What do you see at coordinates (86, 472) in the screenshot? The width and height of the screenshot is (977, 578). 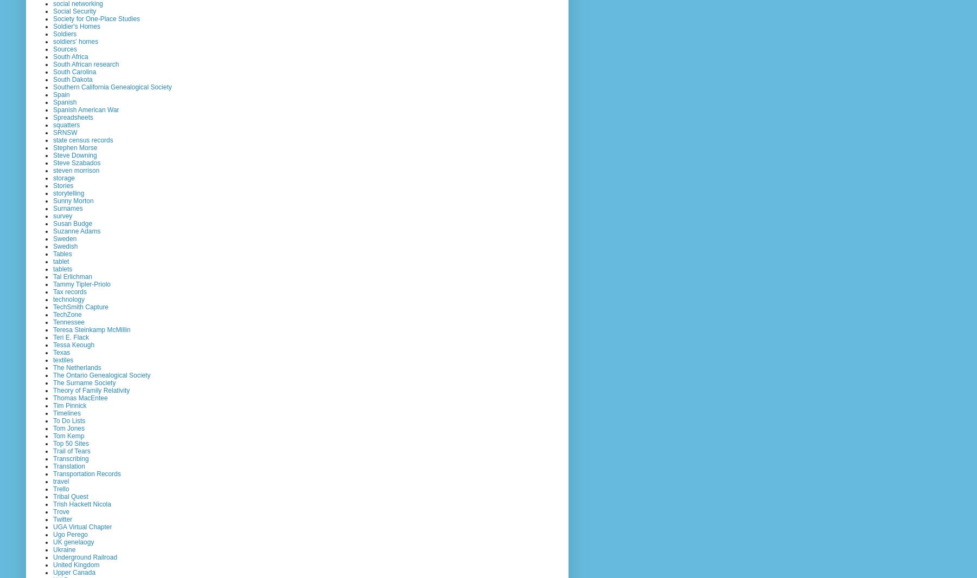 I see `'Transportation Records'` at bounding box center [86, 472].